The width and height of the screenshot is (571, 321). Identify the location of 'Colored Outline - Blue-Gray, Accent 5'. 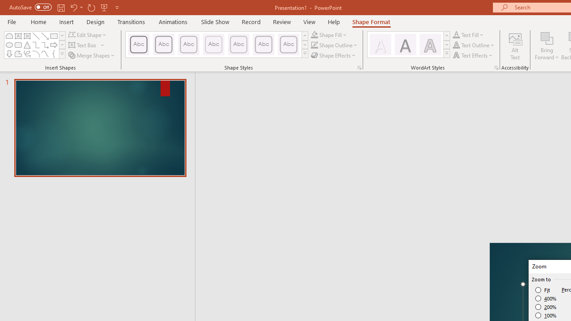
(263, 45).